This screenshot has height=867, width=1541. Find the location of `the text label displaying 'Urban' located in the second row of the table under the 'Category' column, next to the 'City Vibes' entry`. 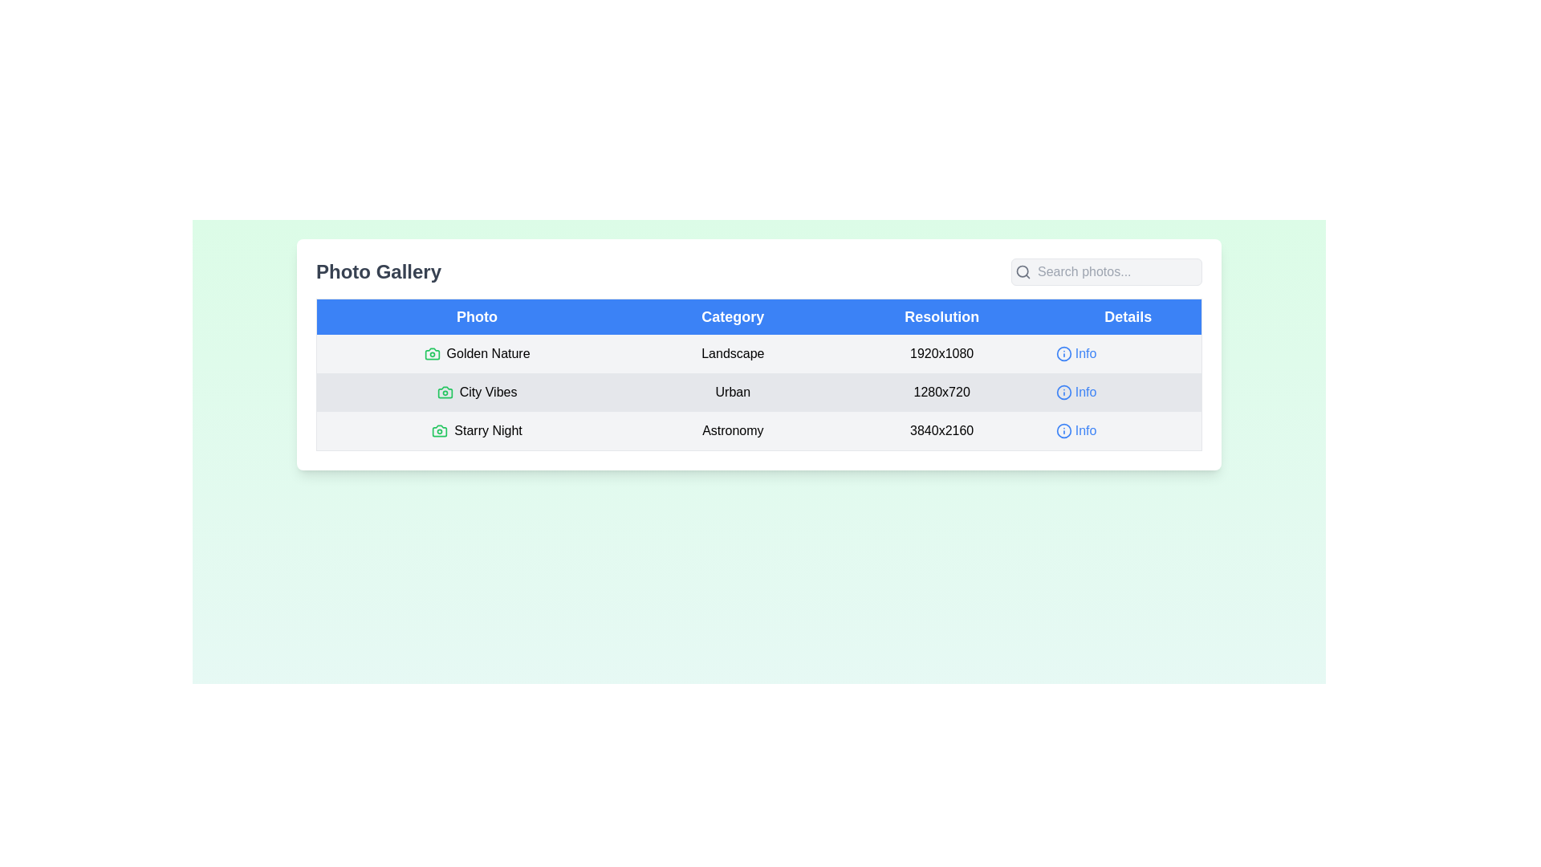

the text label displaying 'Urban' located in the second row of the table under the 'Category' column, next to the 'City Vibes' entry is located at coordinates (732, 393).